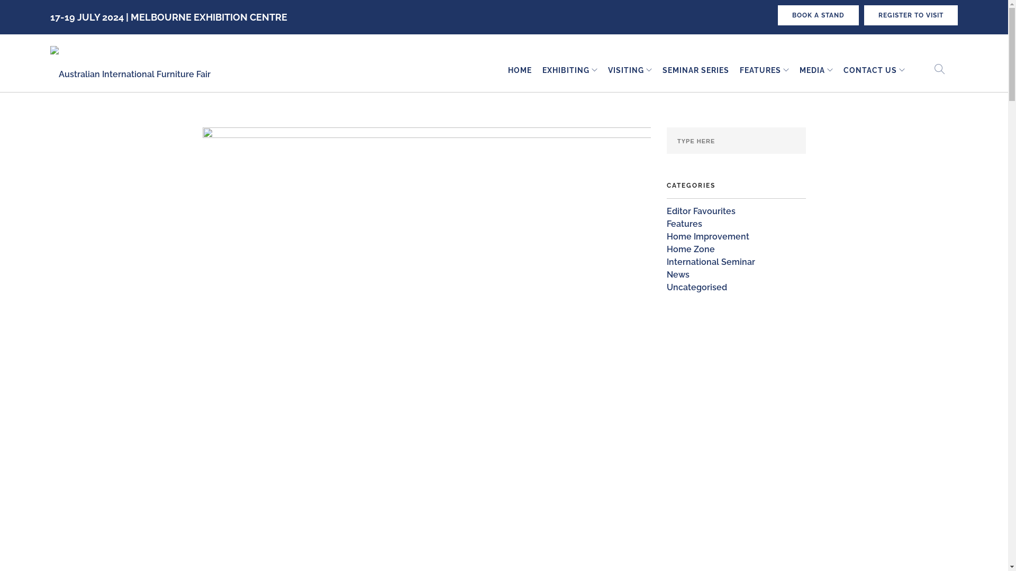 This screenshot has width=1016, height=571. I want to click on 'HOME', so click(520, 70).